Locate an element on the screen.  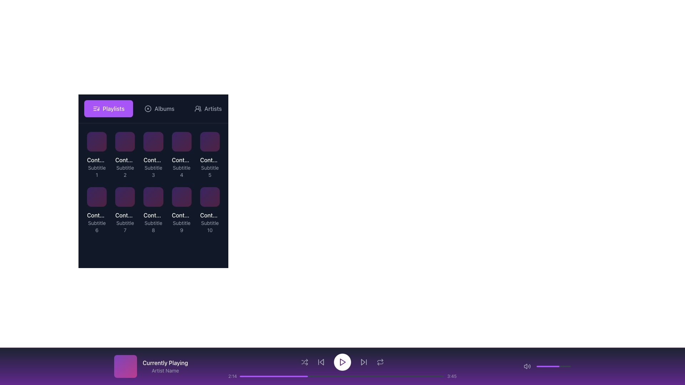
the Card-like UI component titled 'Content Title 8' is located at coordinates (153, 210).